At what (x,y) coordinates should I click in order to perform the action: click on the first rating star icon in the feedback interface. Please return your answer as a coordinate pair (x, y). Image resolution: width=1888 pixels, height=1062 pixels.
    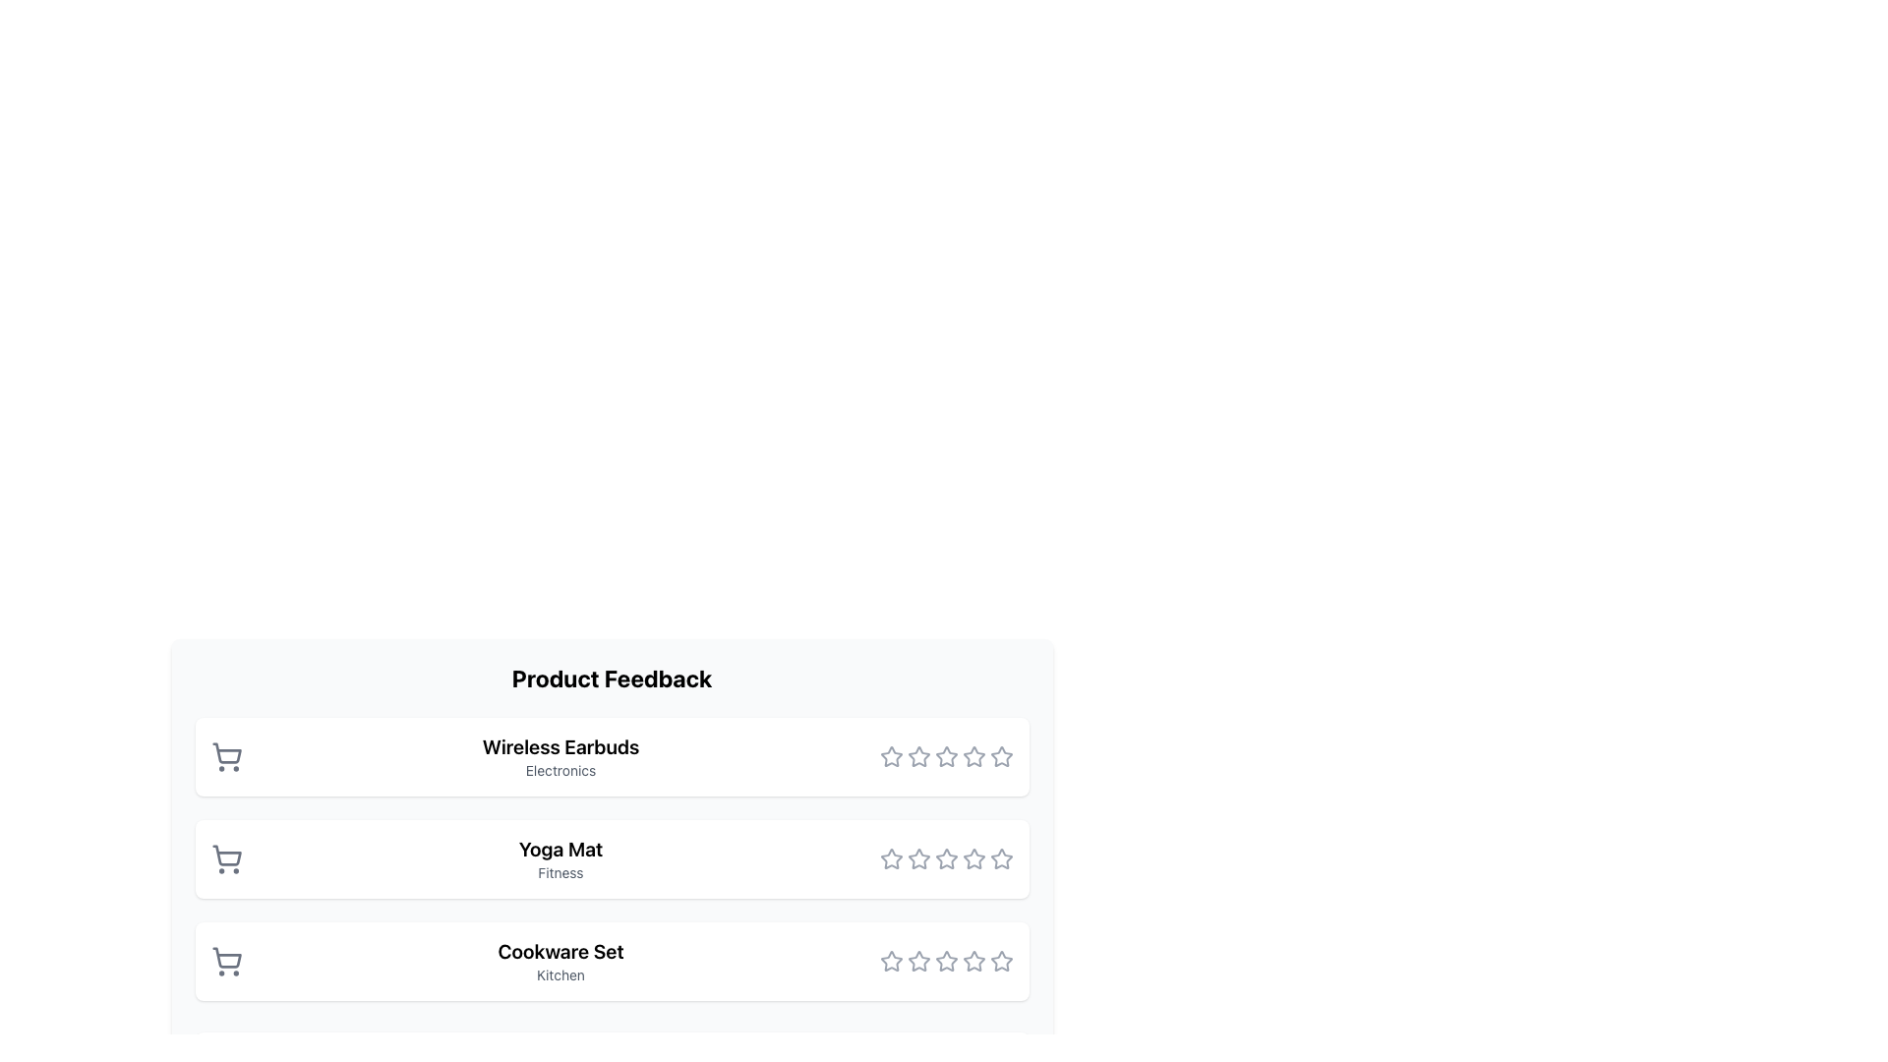
    Looking at the image, I should click on (890, 756).